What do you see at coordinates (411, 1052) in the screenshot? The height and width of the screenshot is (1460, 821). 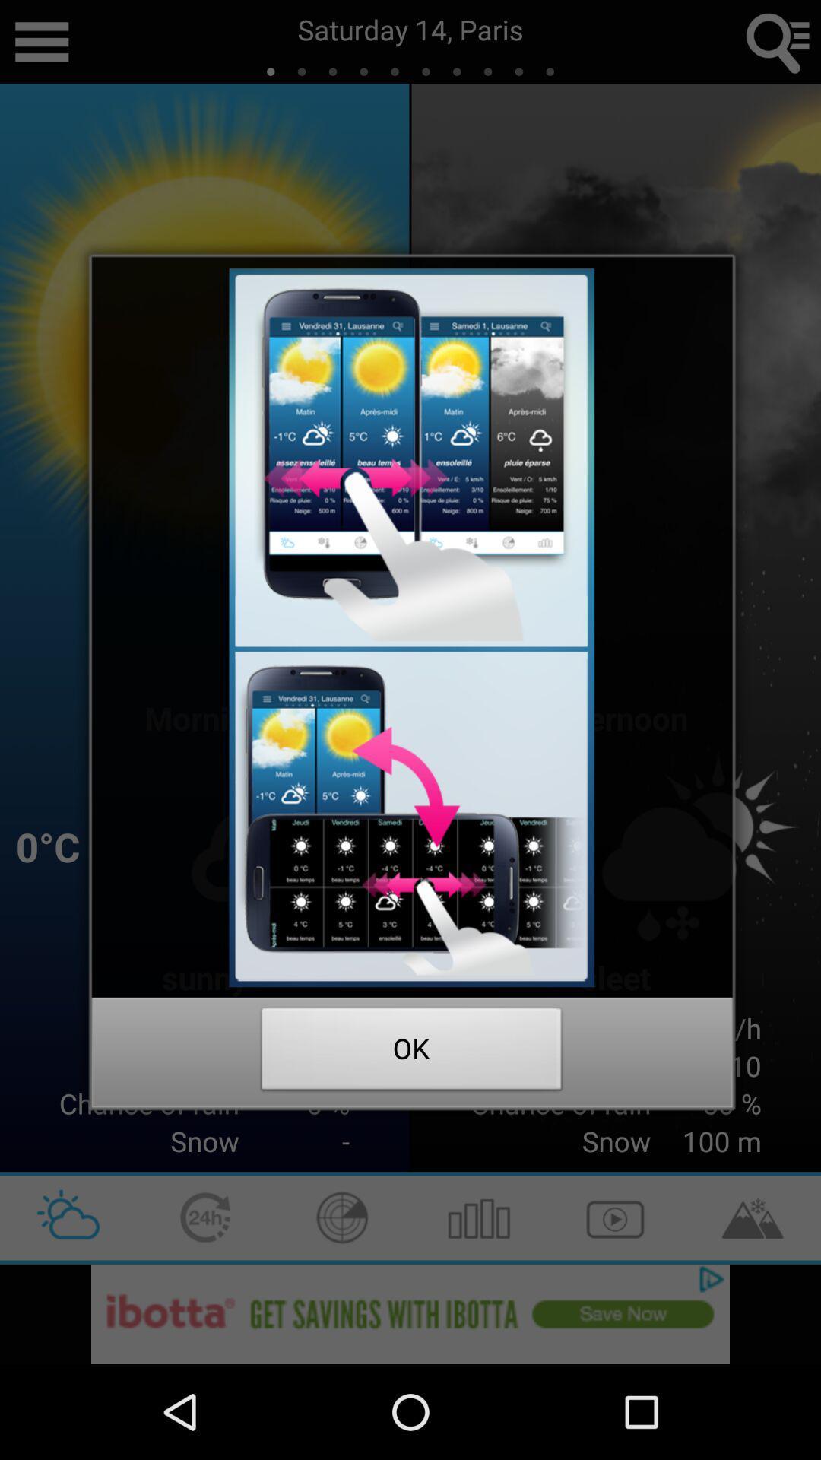 I see `ok` at bounding box center [411, 1052].